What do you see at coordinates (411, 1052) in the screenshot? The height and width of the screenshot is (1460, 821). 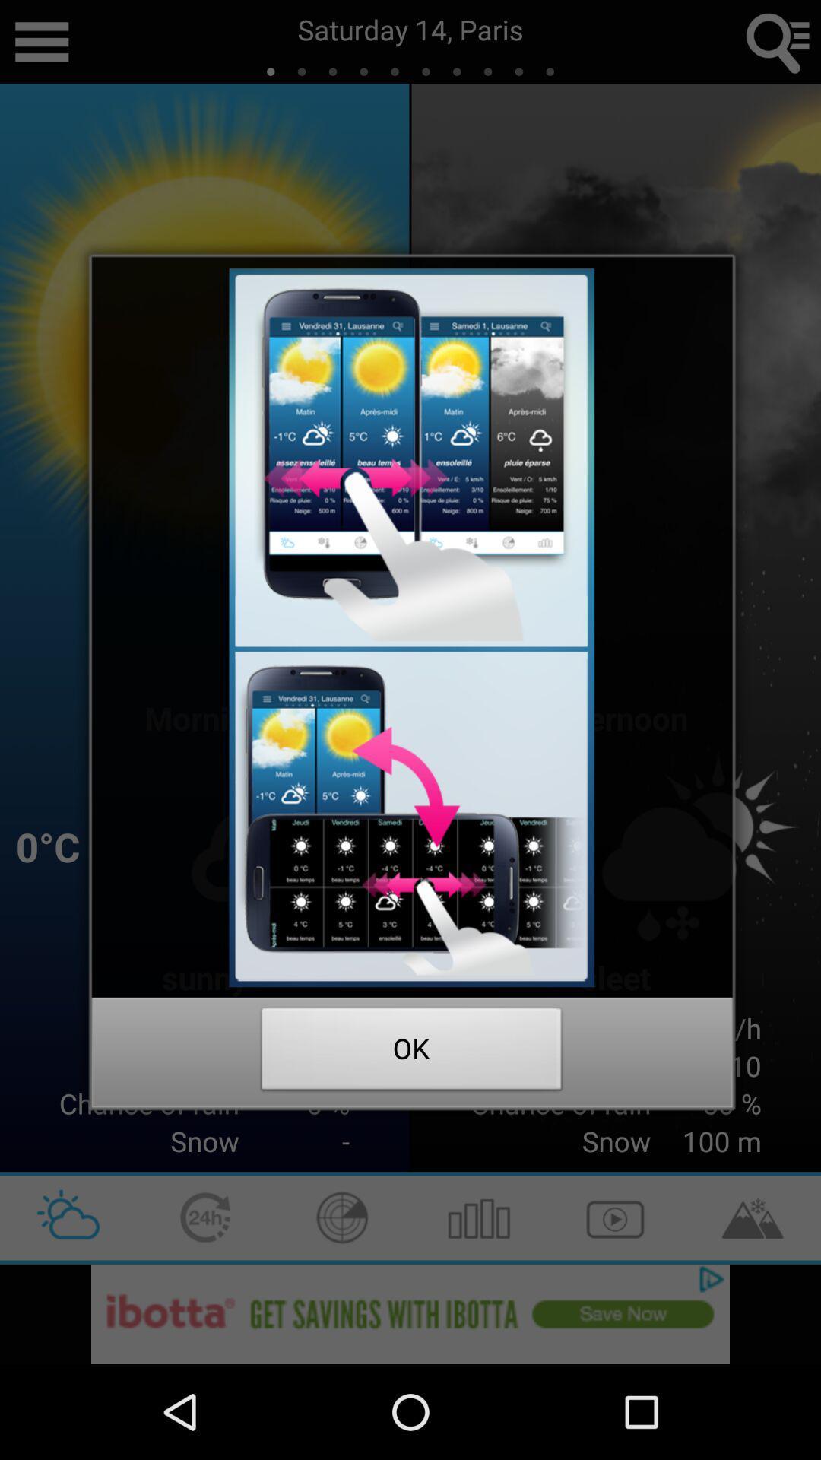 I see `ok` at bounding box center [411, 1052].